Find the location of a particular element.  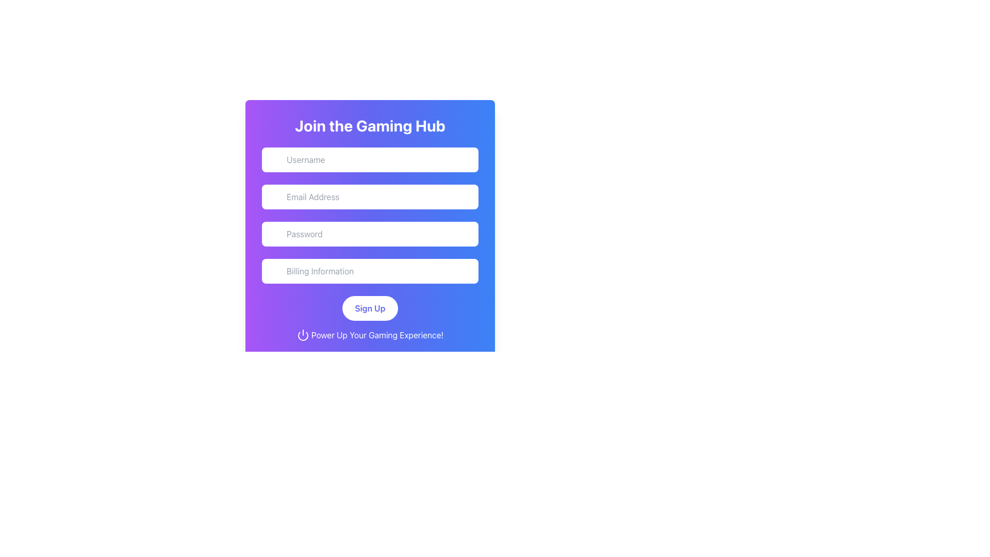

the Text Label with Icon located at the bottom of the gradient card layout, directly below the 'Sign Up' button, which is centrally aligned within the card is located at coordinates (370, 336).